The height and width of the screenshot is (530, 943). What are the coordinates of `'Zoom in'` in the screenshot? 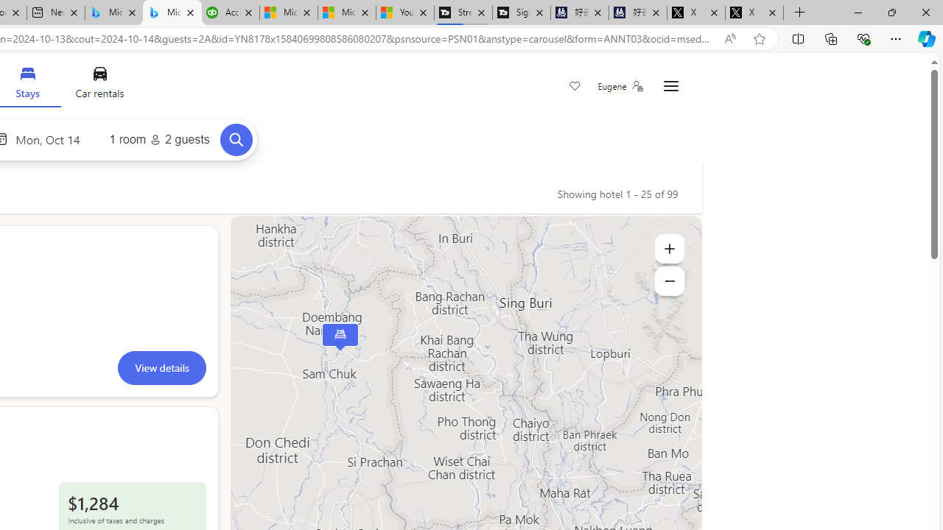 It's located at (668, 248).